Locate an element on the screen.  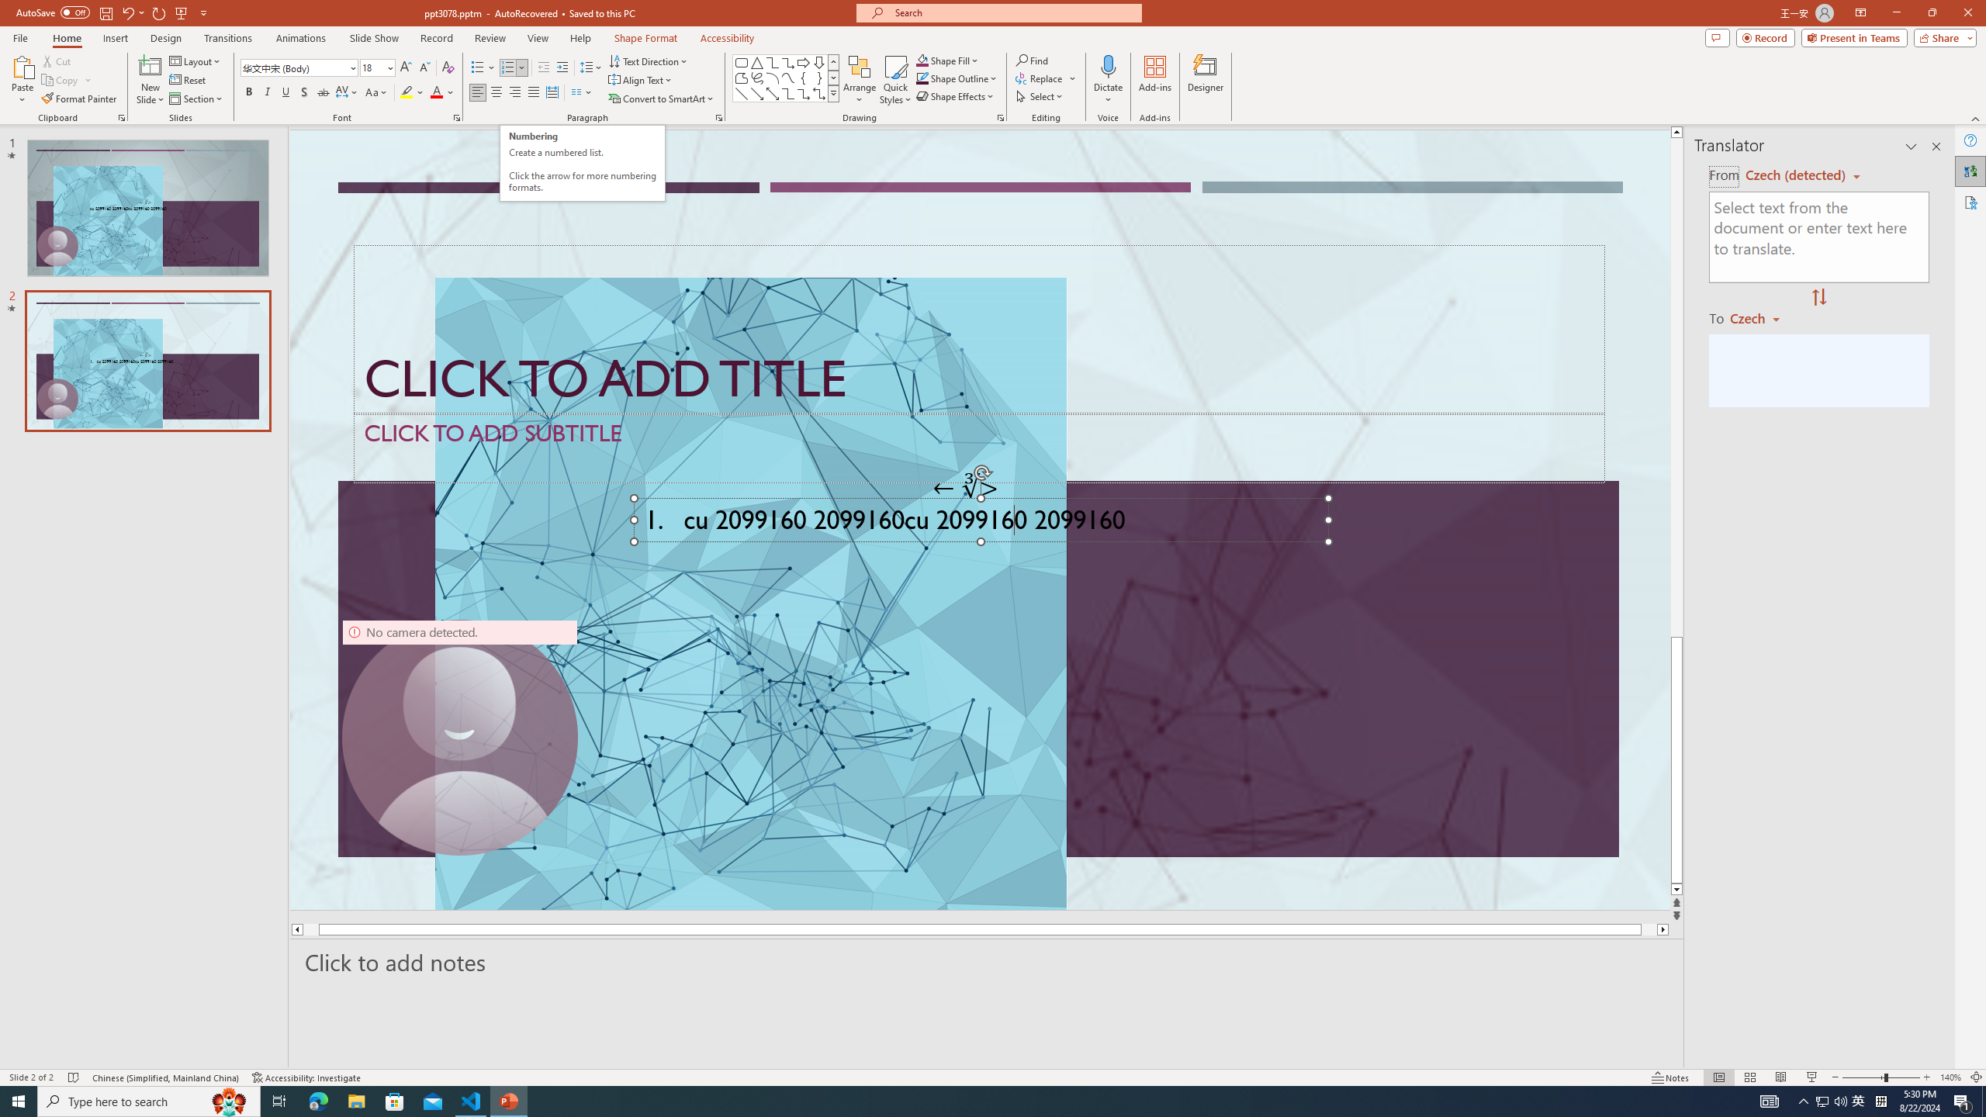
'Paragraph...' is located at coordinates (718, 116).